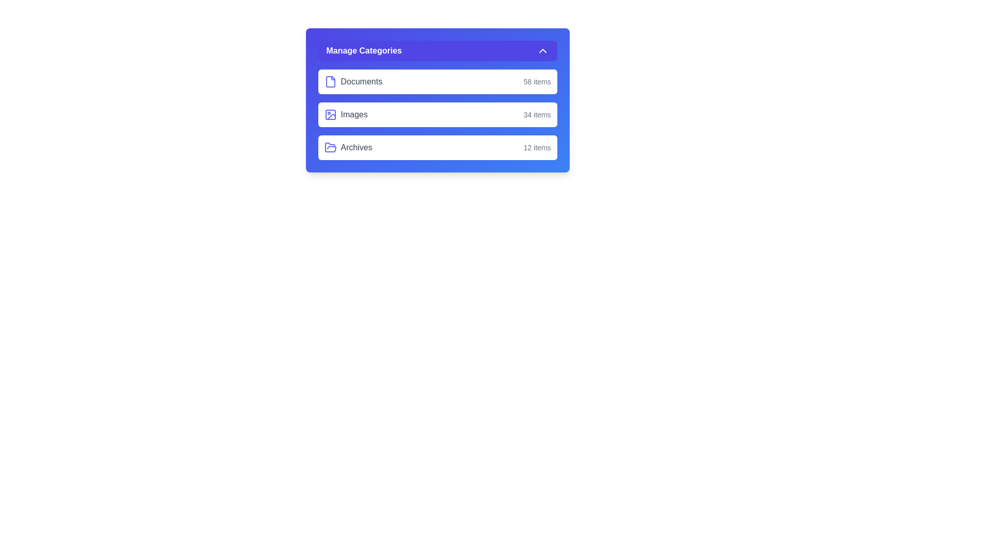  I want to click on the icon for the Images category, so click(330, 115).